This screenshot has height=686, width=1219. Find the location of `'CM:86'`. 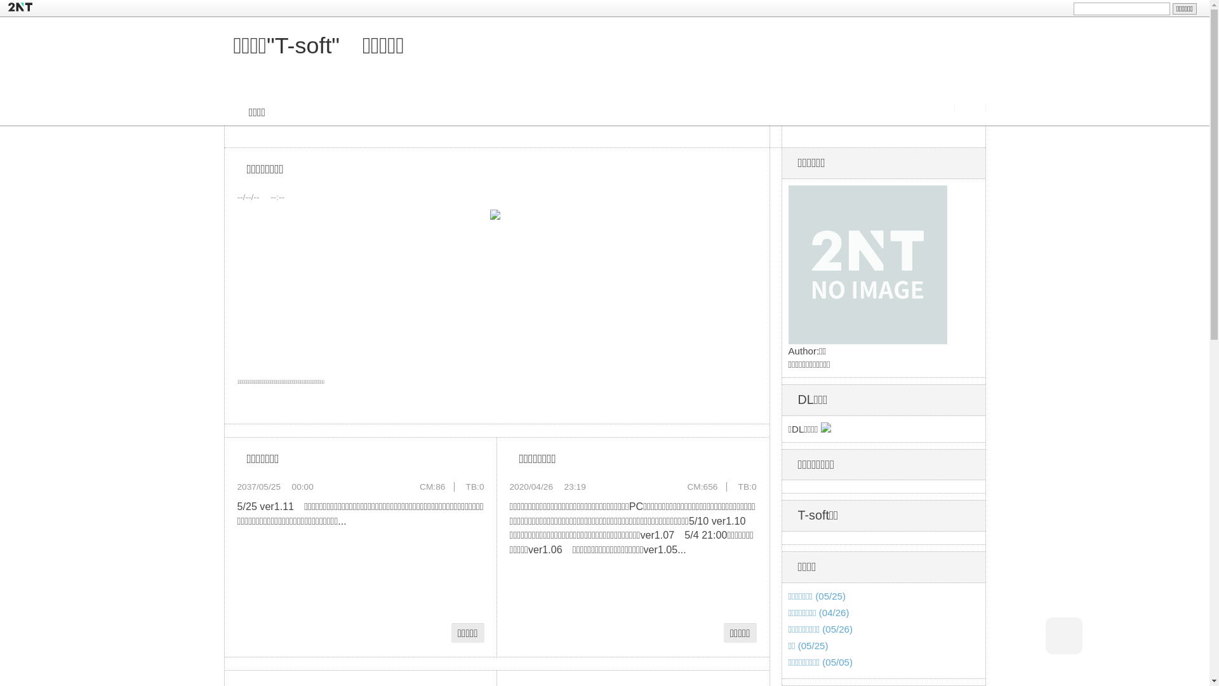

'CM:86' is located at coordinates (432, 486).